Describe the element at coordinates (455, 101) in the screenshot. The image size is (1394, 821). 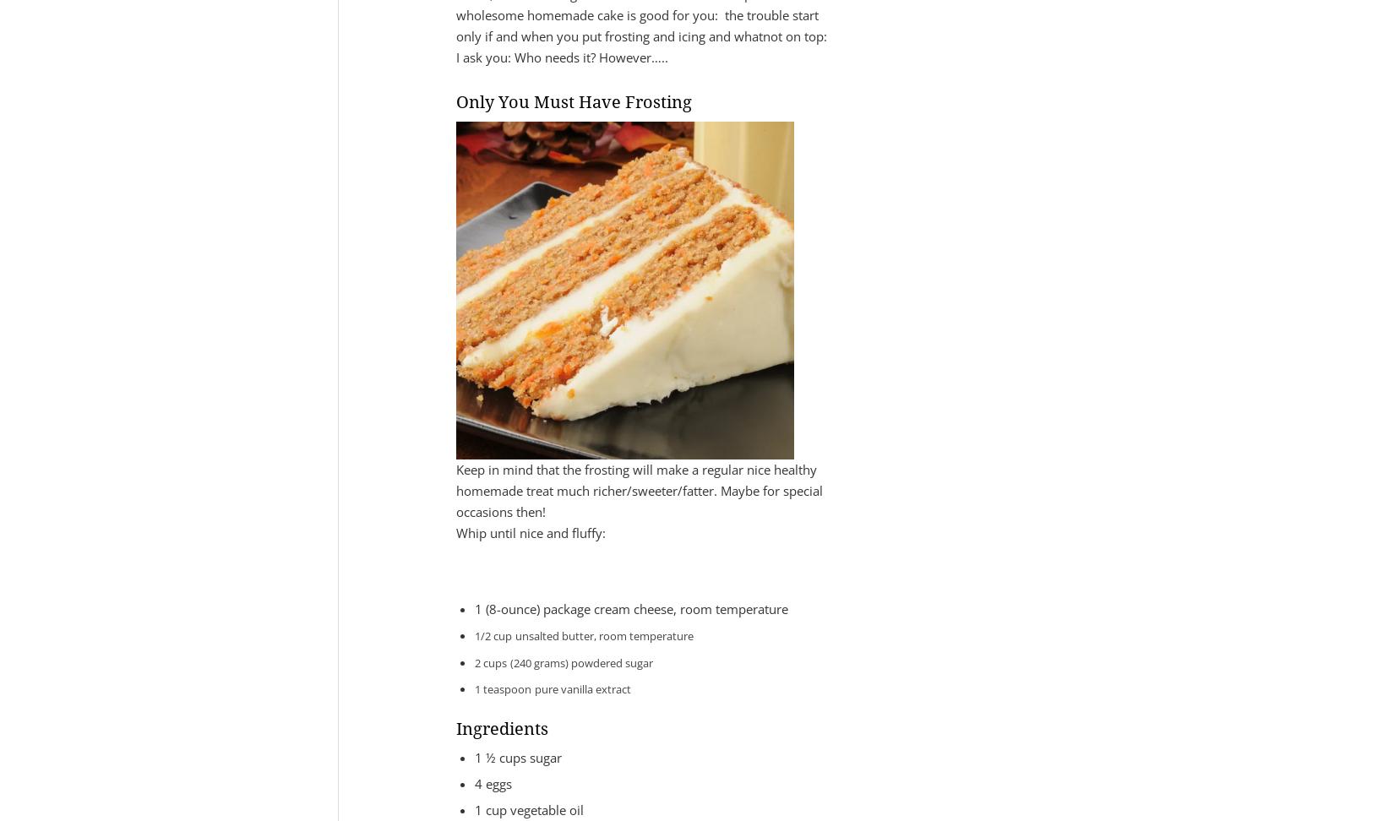
I see `'Only You Must Have Frosting'` at that location.